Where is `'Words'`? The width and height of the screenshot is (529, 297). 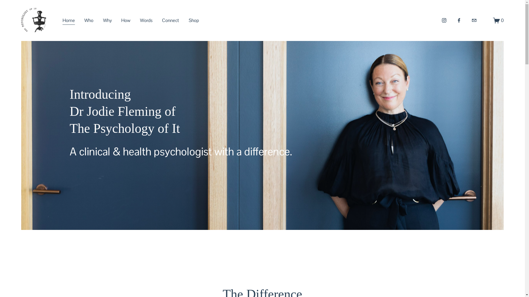
'Words' is located at coordinates (146, 20).